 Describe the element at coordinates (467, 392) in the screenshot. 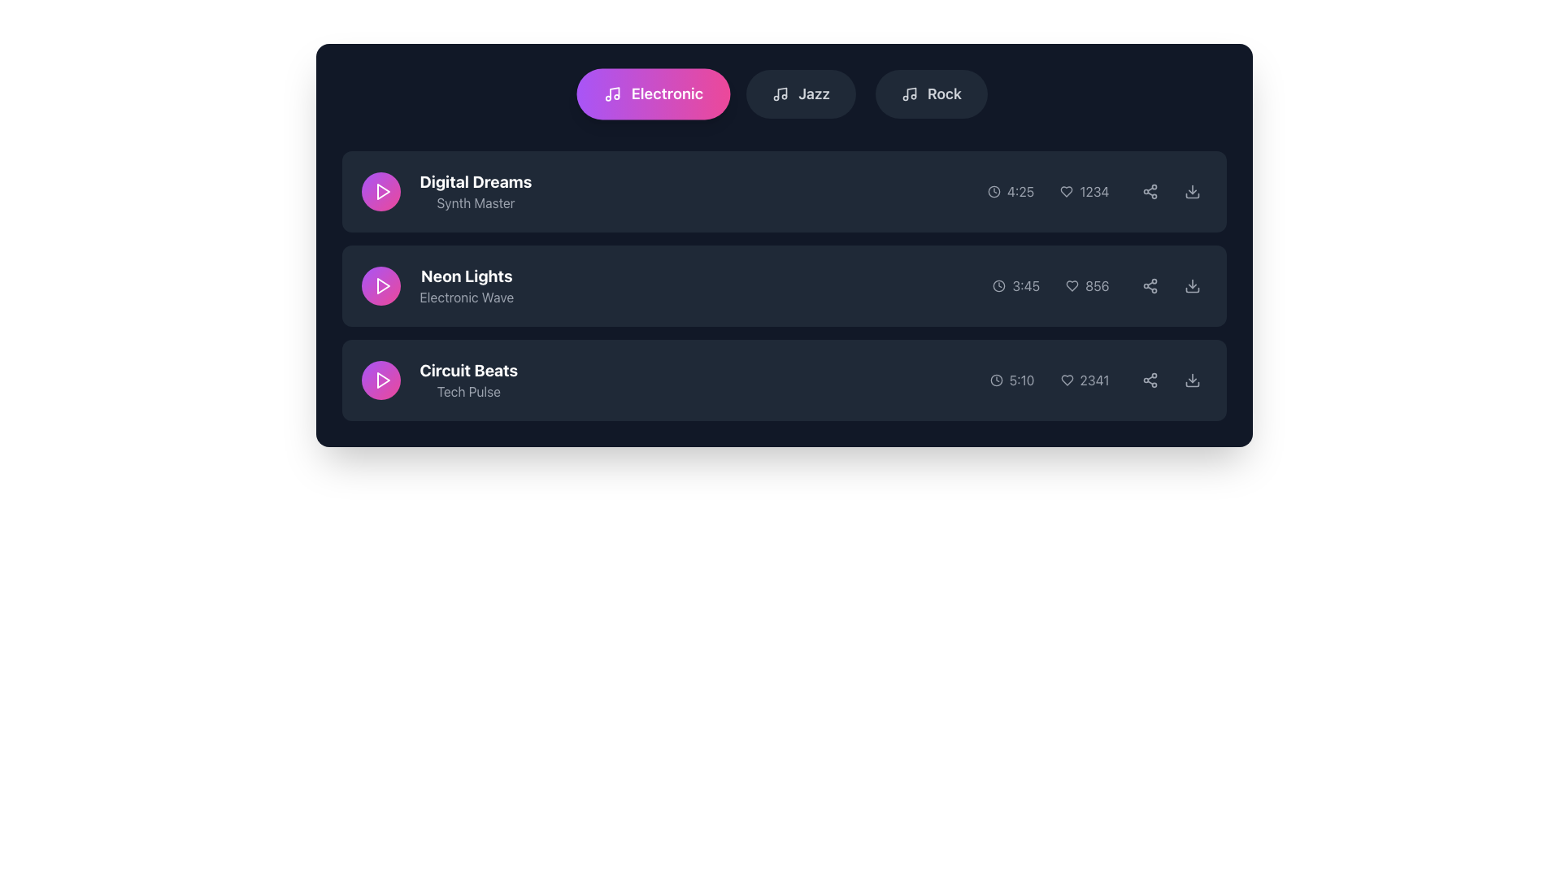

I see `the 'Tech Pulse' text element, which is a gray subtitle located directly below the 'Circuit Beats' title in the playlist interface` at that location.